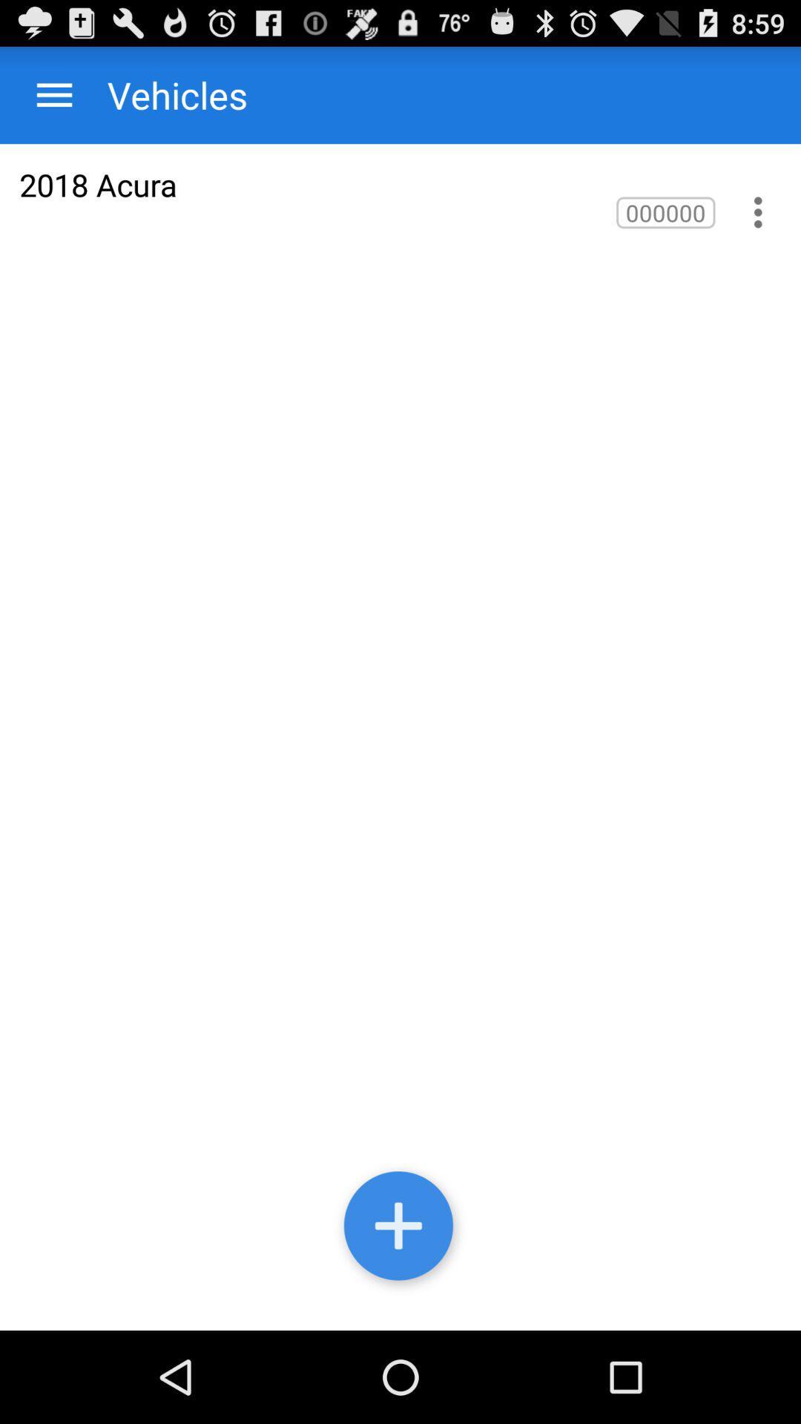 Image resolution: width=801 pixels, height=1424 pixels. What do you see at coordinates (98, 184) in the screenshot?
I see `the icon below vehicles` at bounding box center [98, 184].